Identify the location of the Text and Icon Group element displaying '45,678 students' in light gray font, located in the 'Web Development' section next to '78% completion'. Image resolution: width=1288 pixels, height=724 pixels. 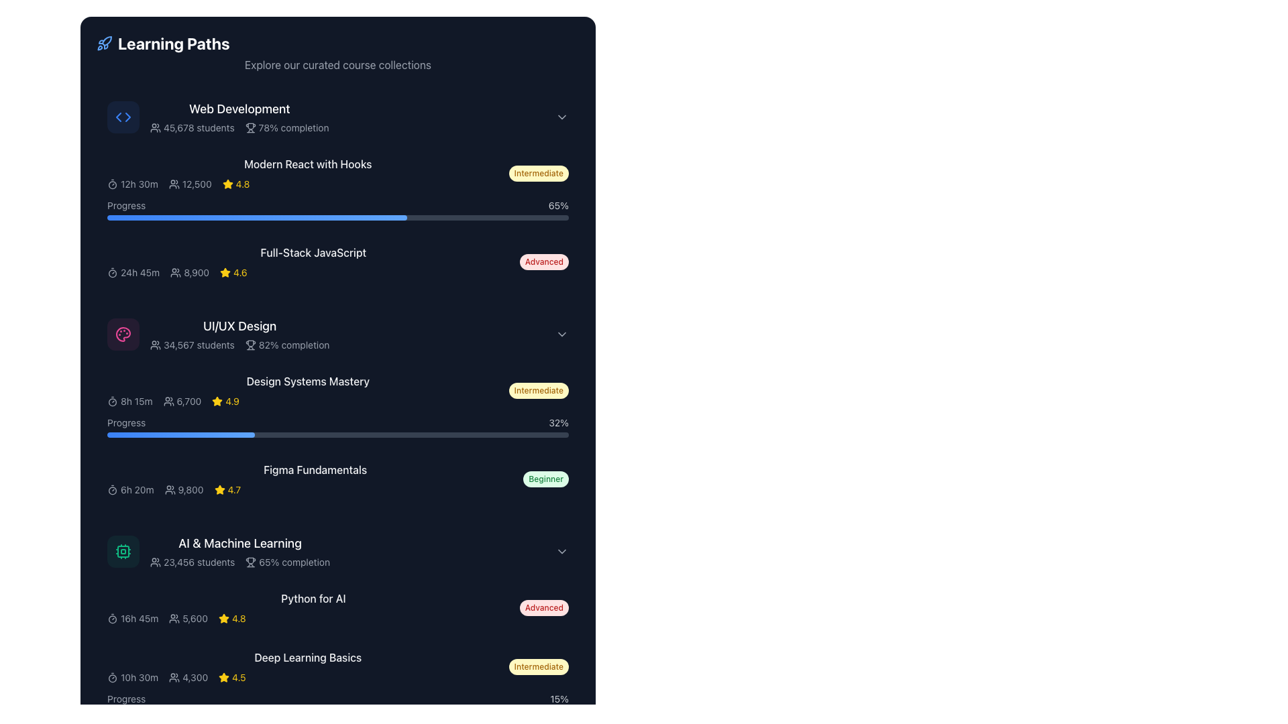
(191, 128).